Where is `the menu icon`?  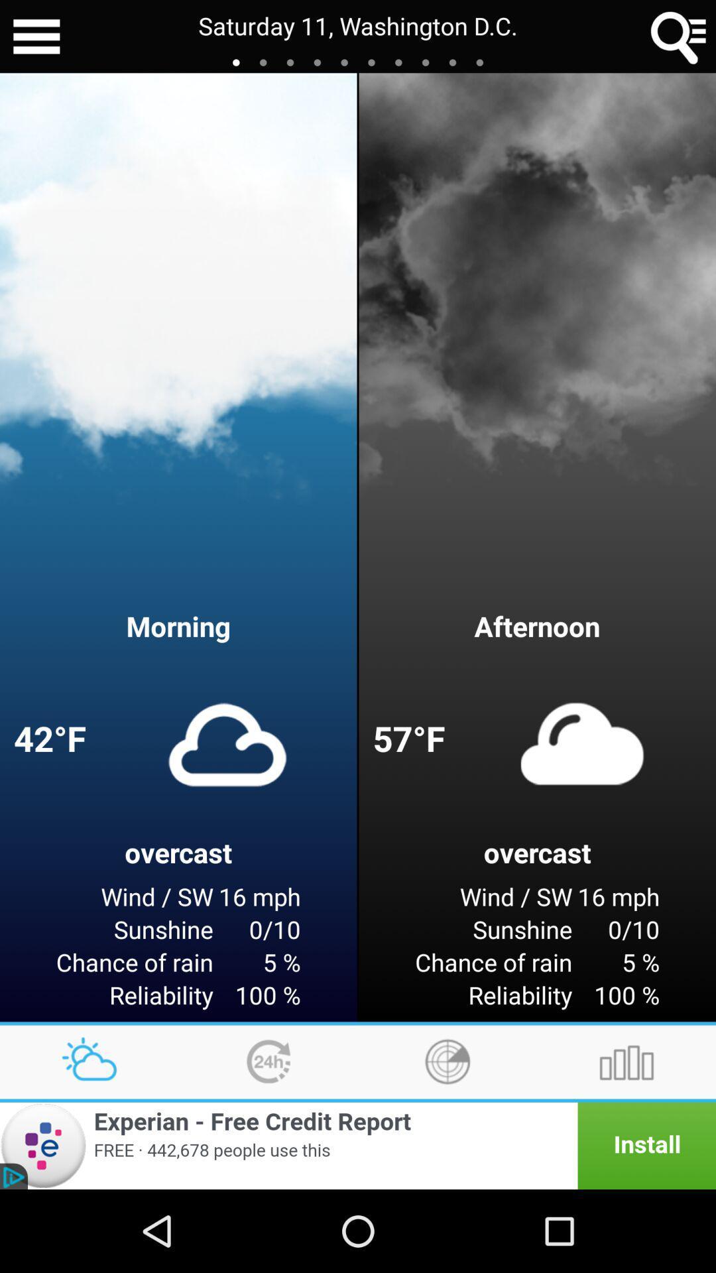
the menu icon is located at coordinates (36, 38).